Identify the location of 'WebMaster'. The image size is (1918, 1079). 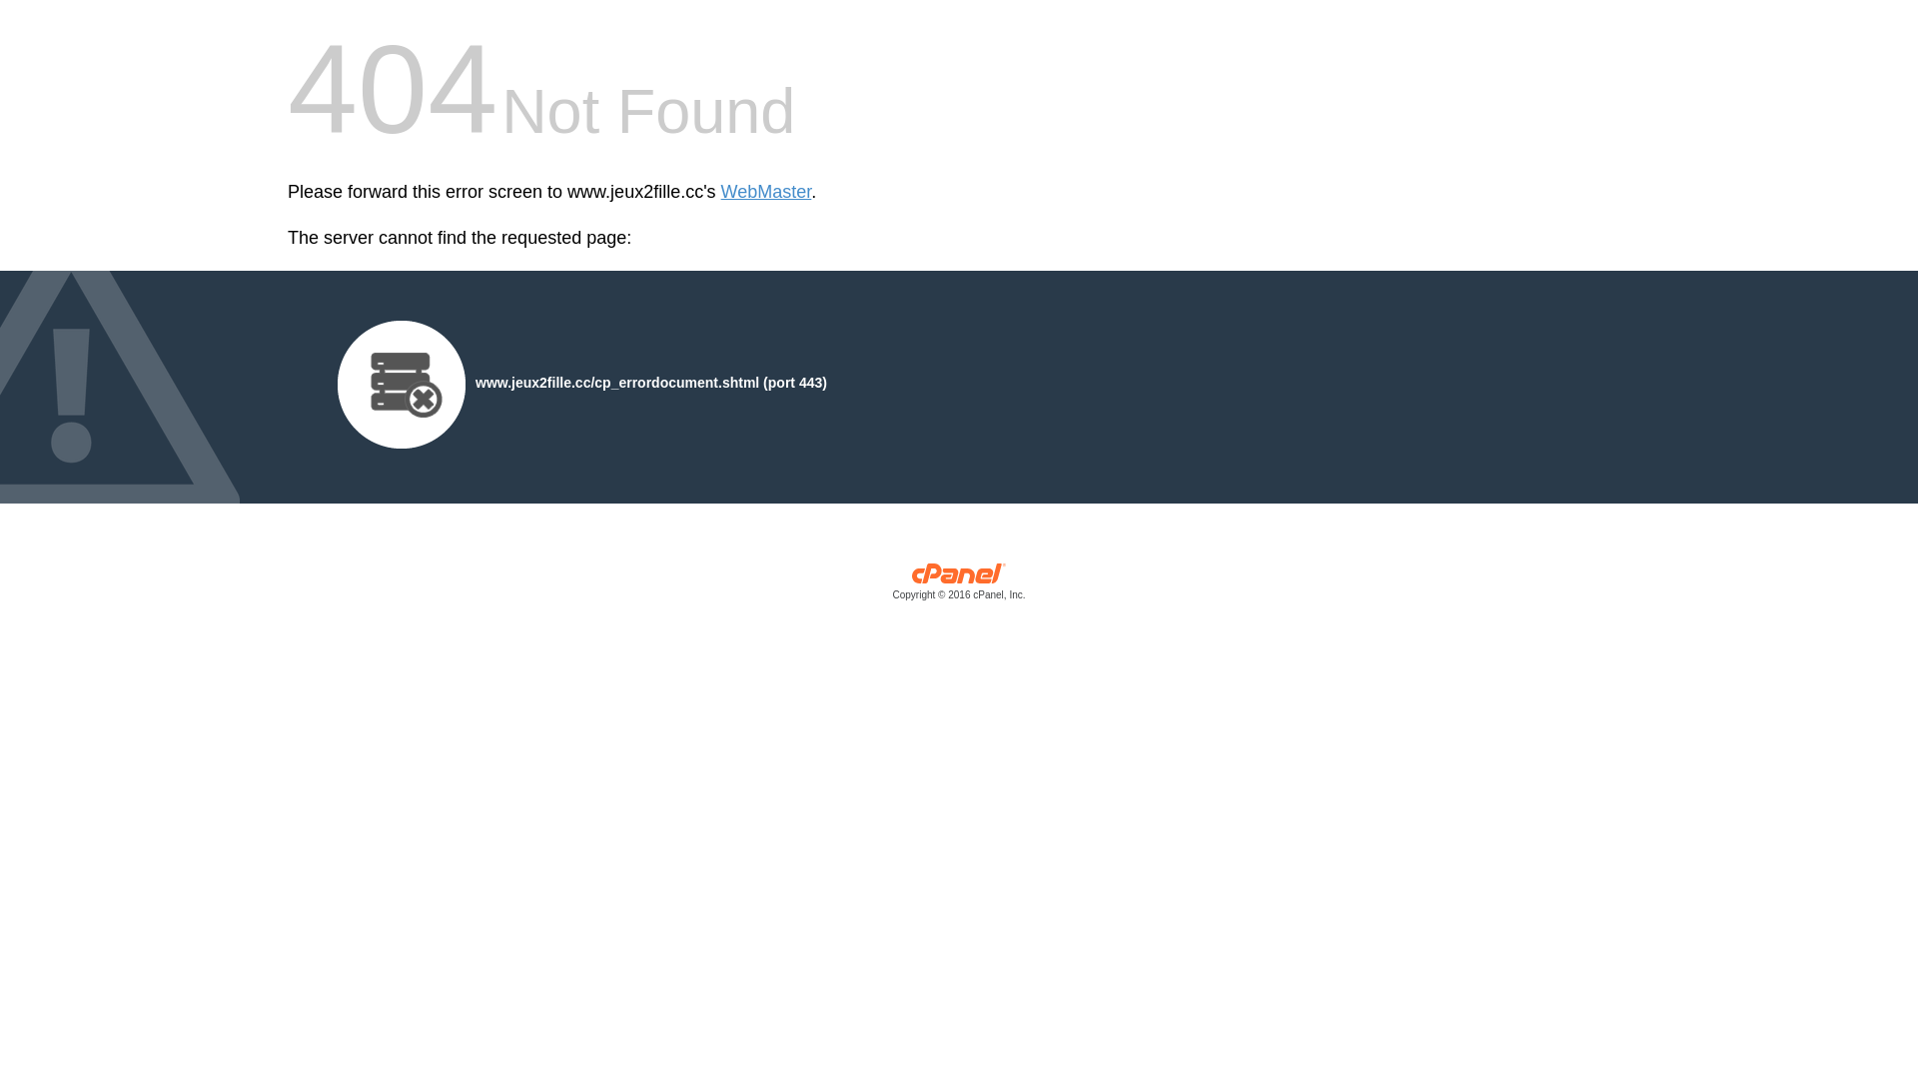
(765, 192).